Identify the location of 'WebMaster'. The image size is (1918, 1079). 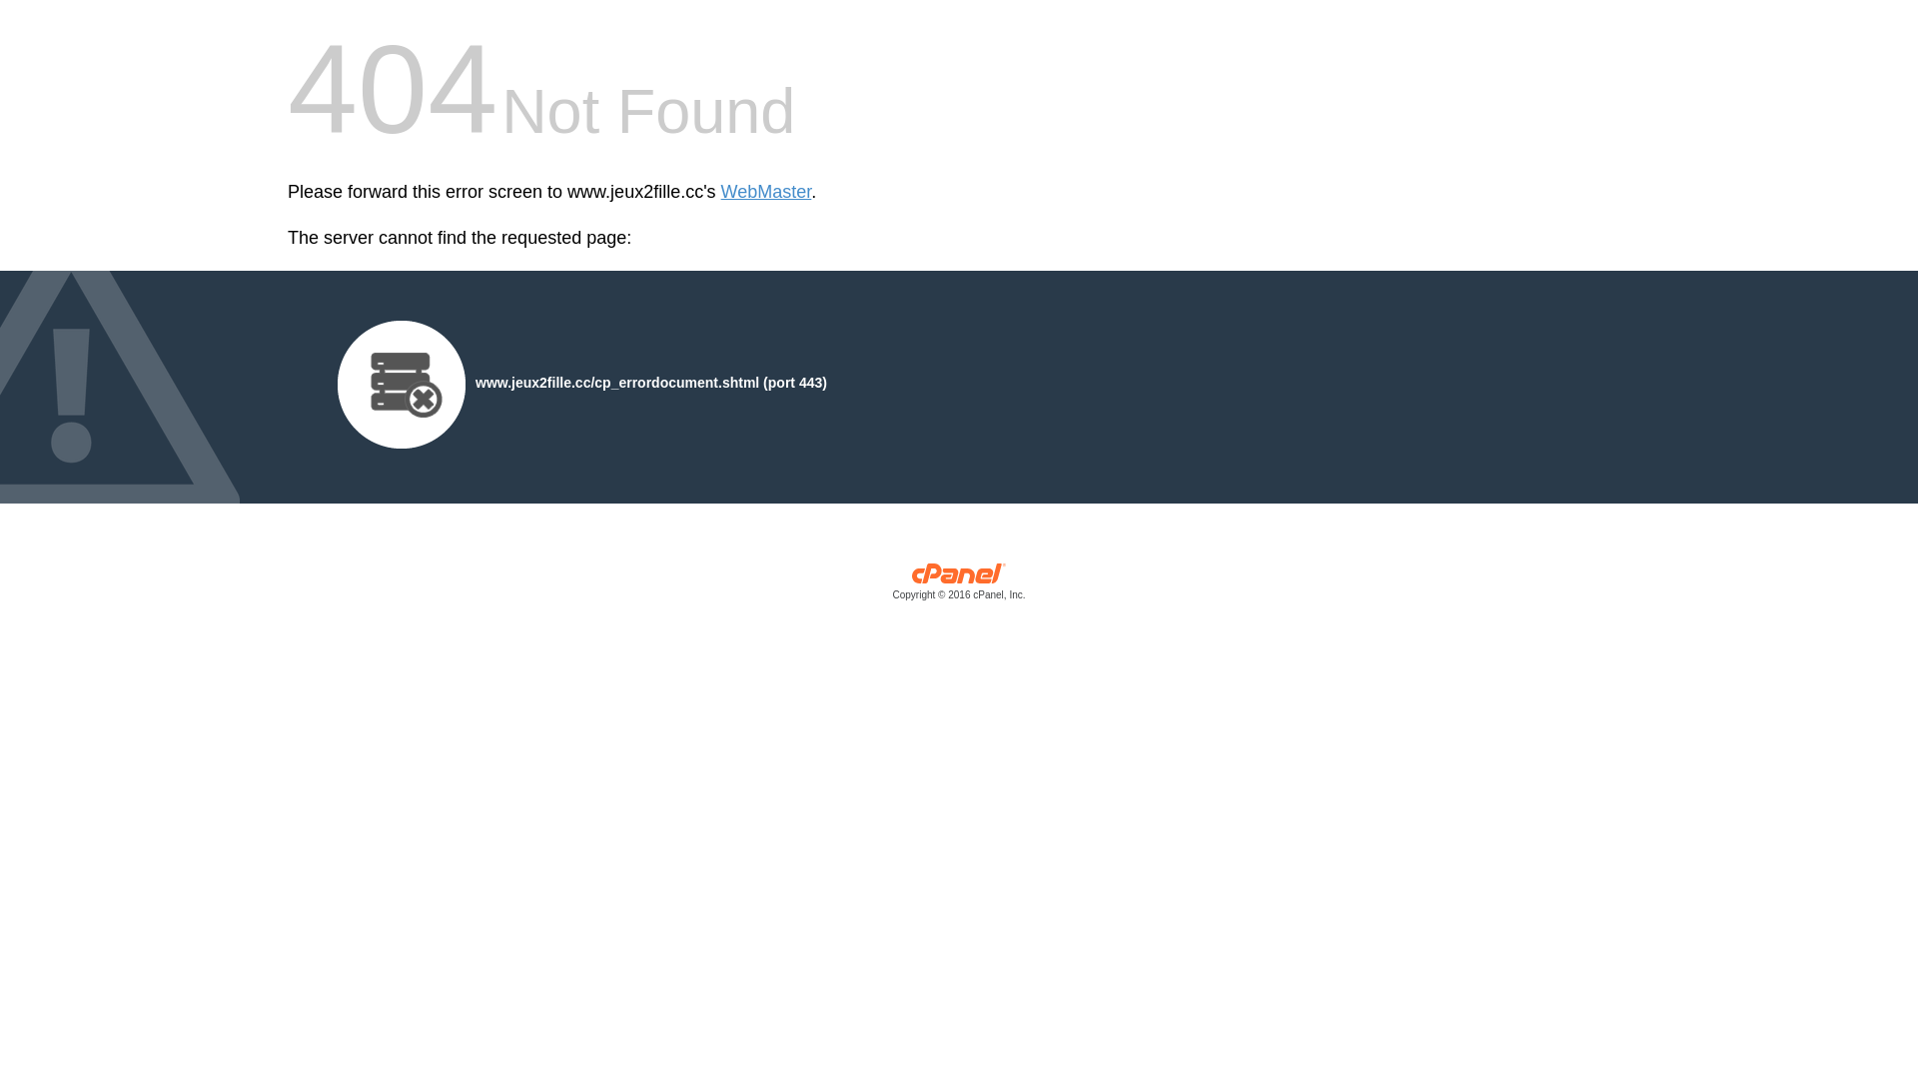
(765, 192).